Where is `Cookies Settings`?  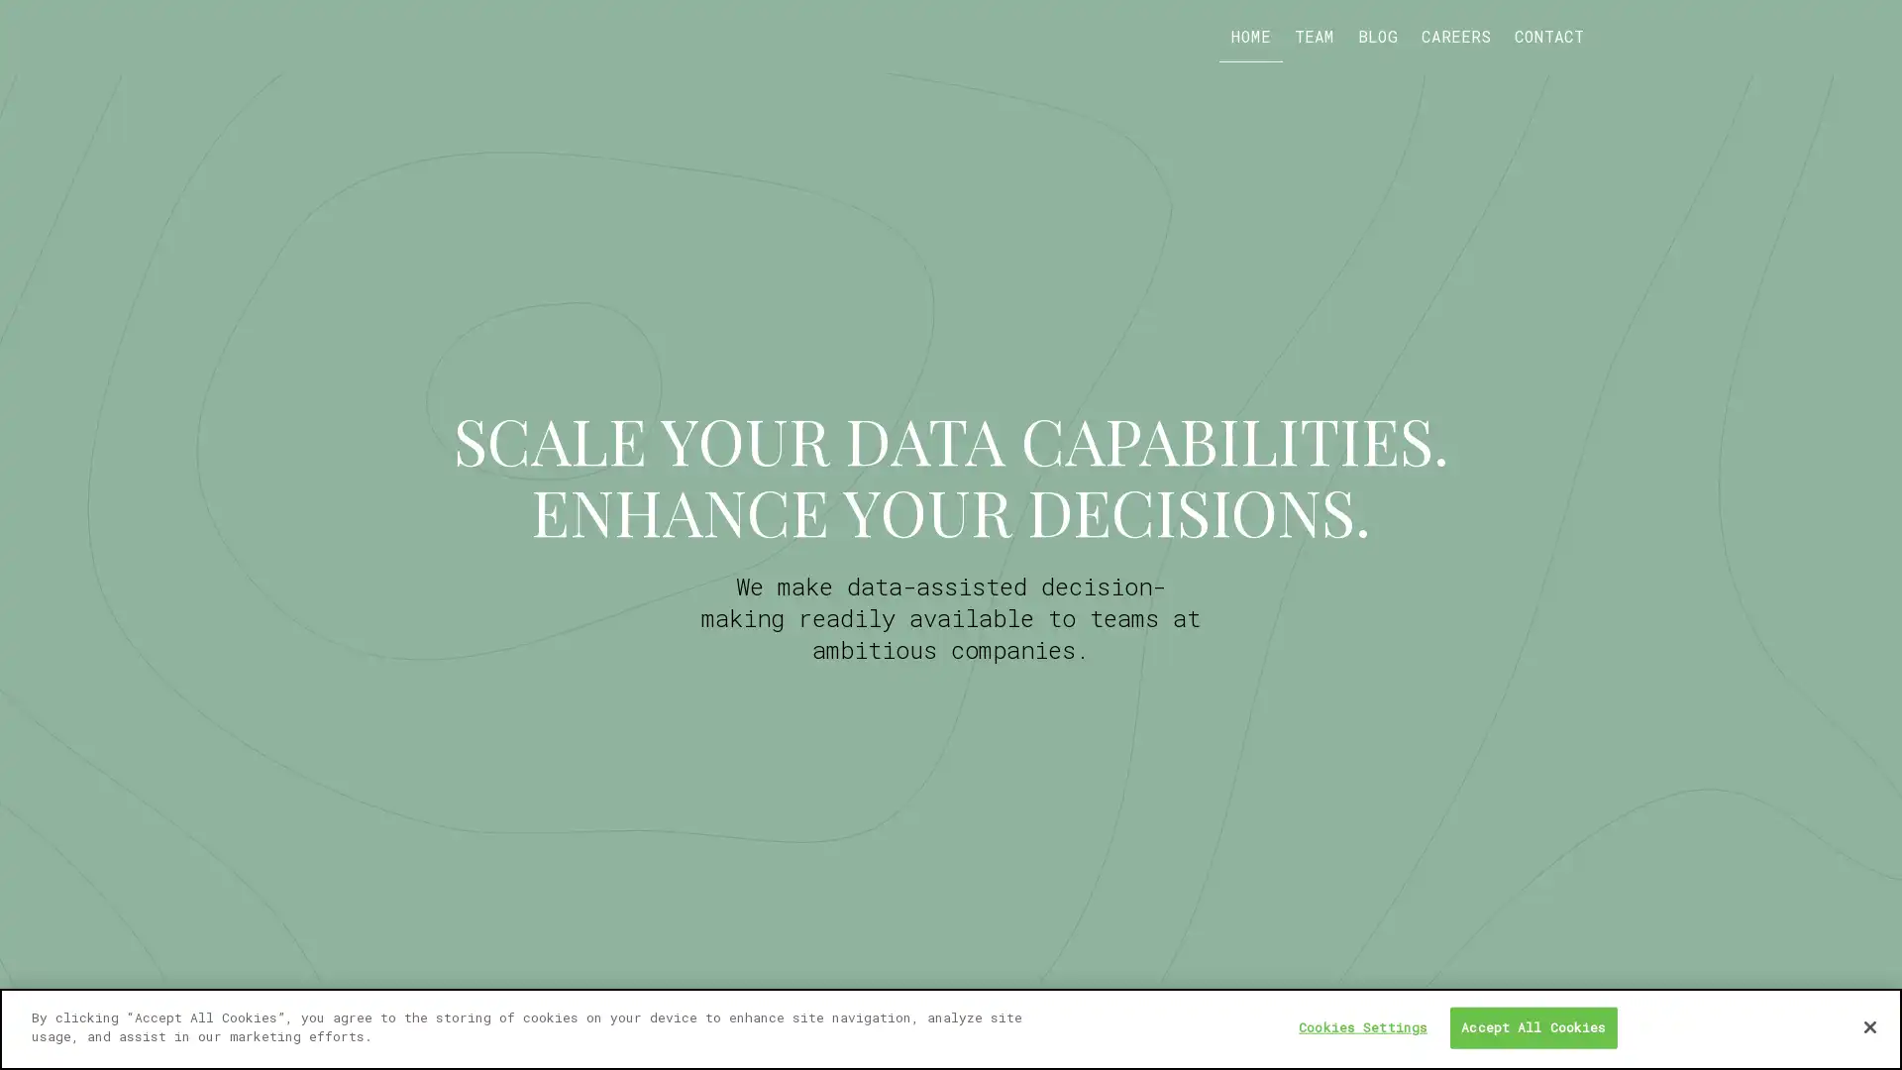 Cookies Settings is located at coordinates (1362, 1026).